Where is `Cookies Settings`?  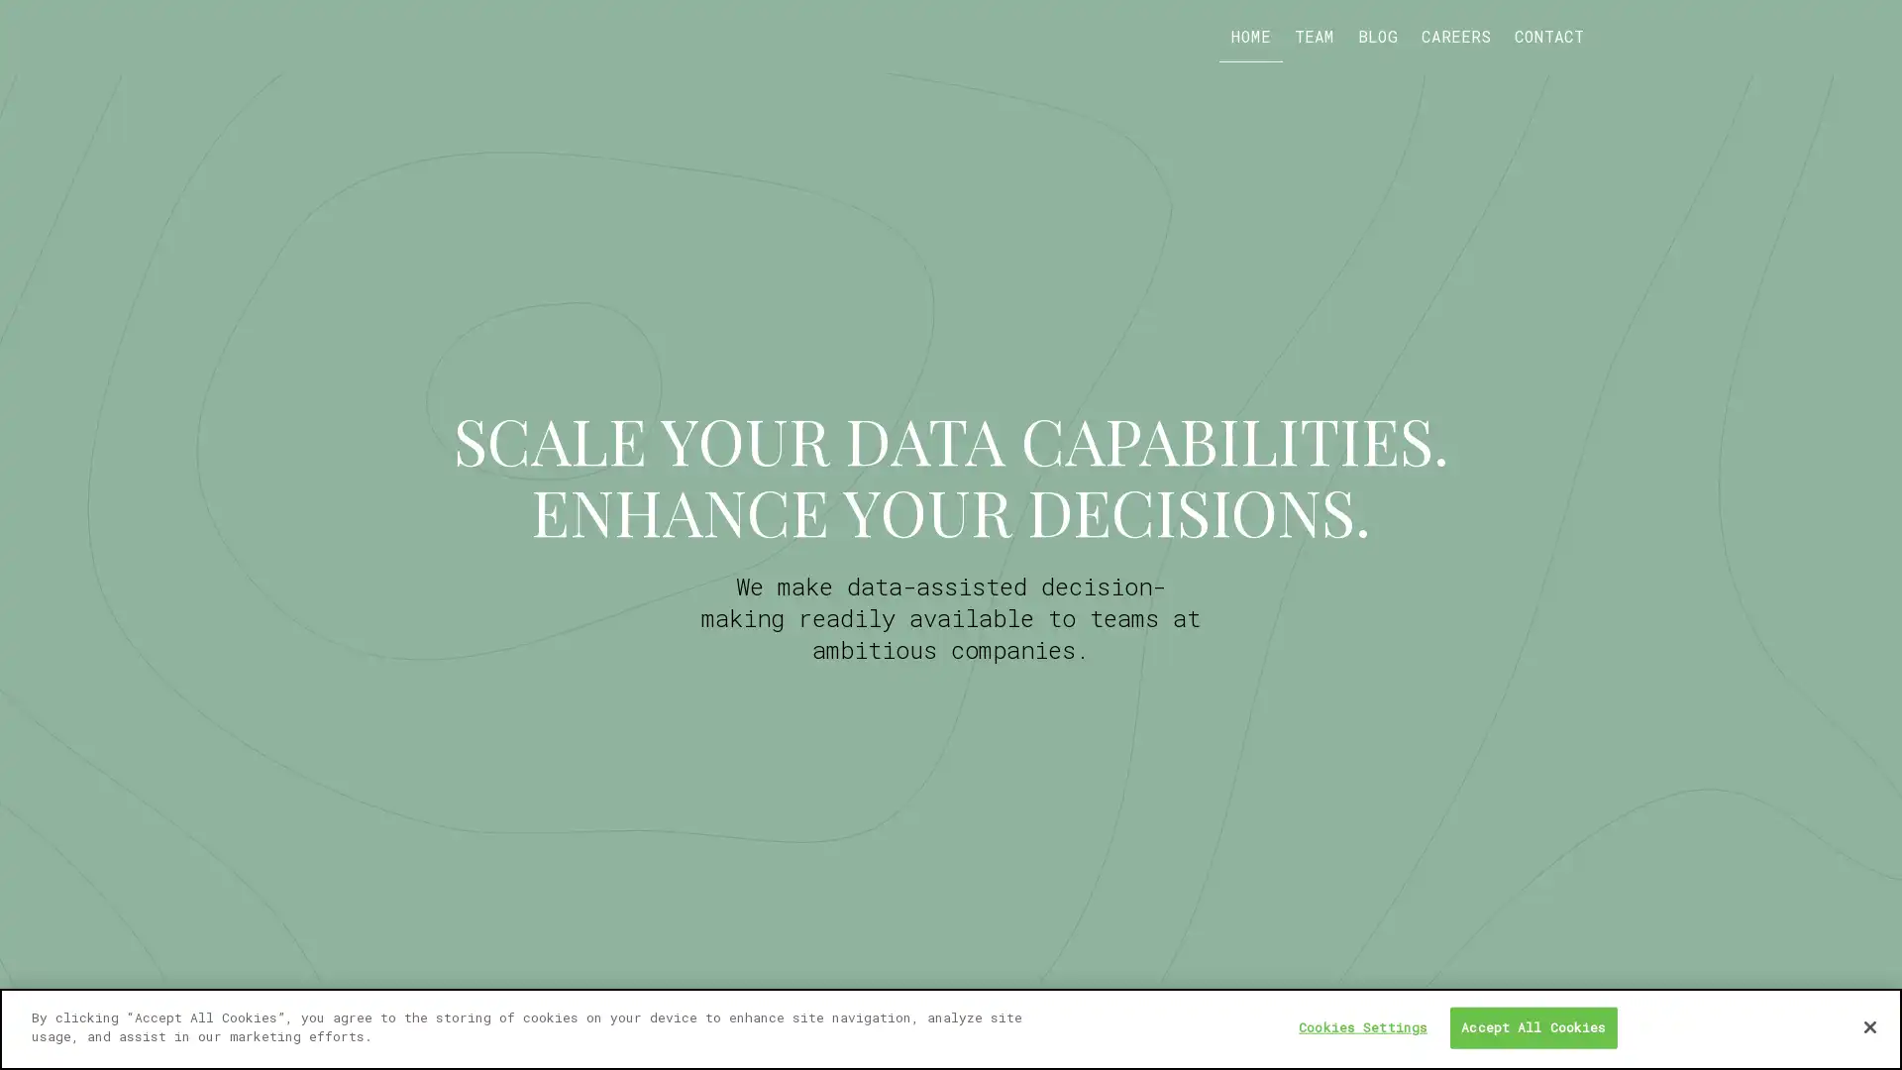 Cookies Settings is located at coordinates (1362, 1026).